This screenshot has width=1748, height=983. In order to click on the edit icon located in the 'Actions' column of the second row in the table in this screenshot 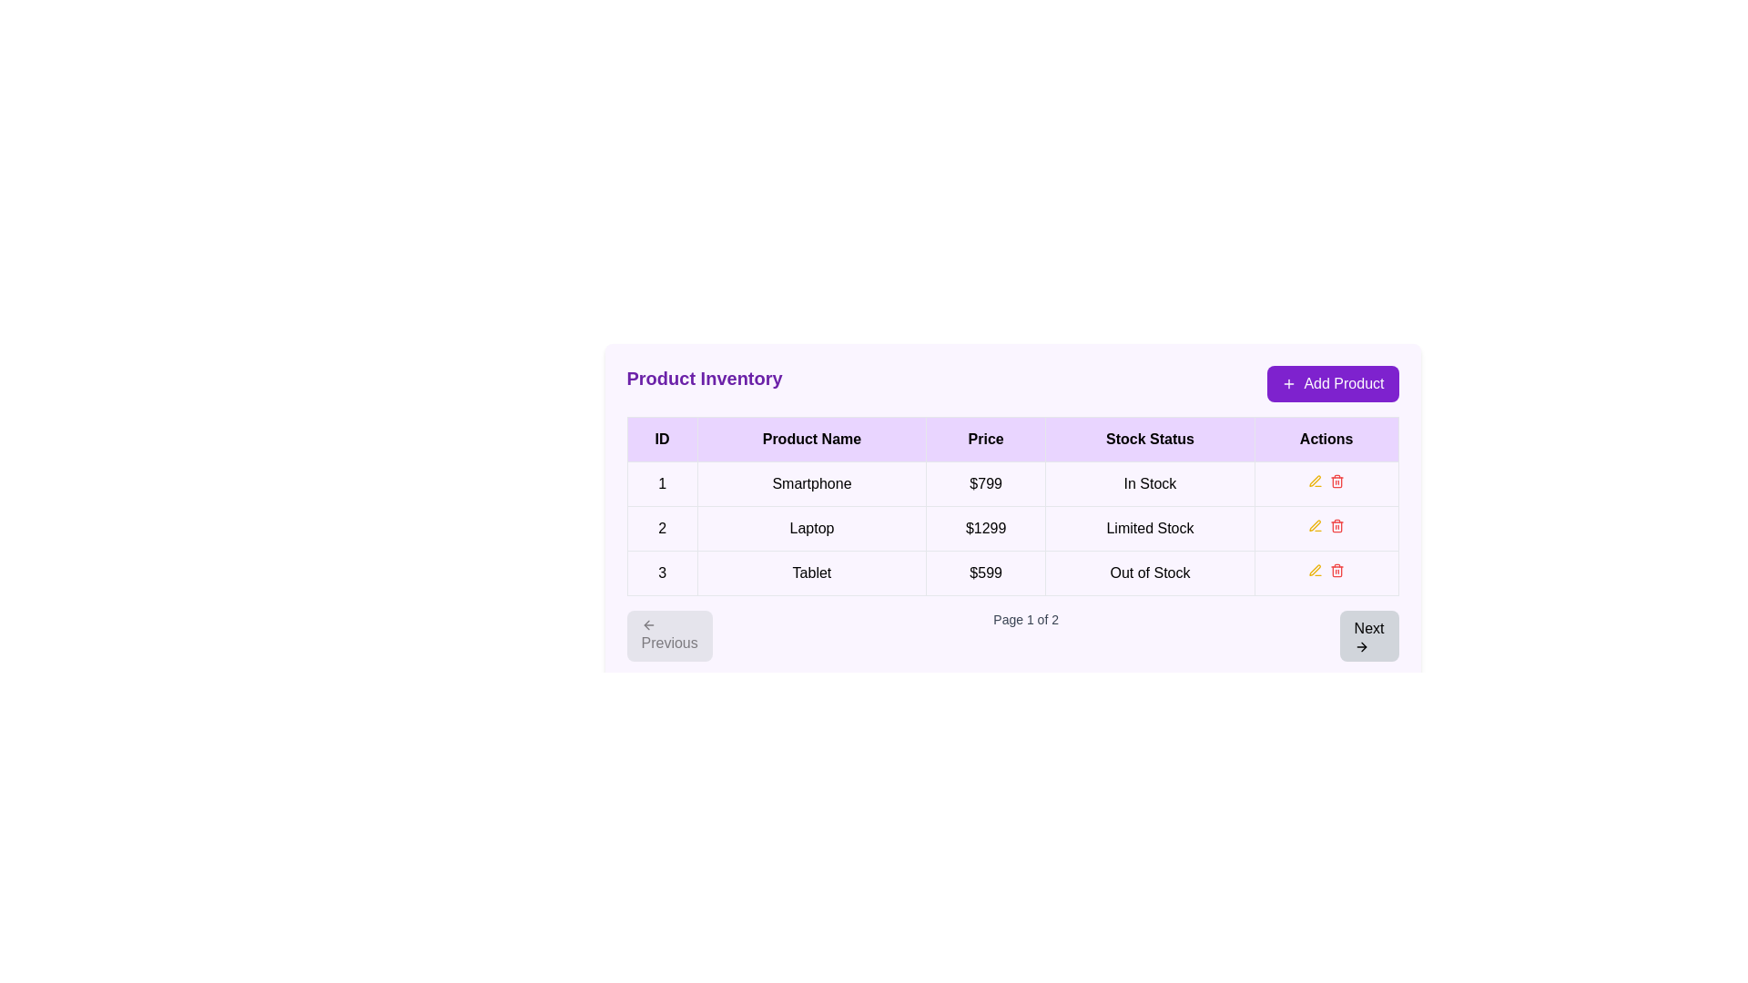, I will do `click(1315, 480)`.